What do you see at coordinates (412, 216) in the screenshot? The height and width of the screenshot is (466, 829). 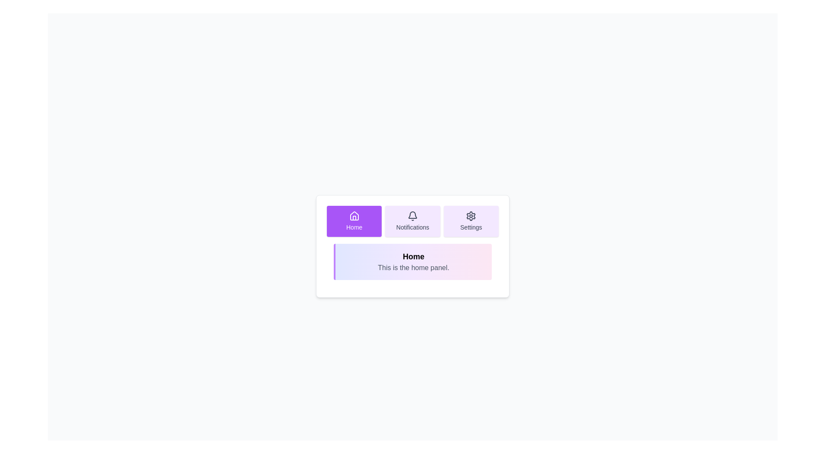 I see `the Notifications icon located at the top center of the Notifications button` at bounding box center [412, 216].